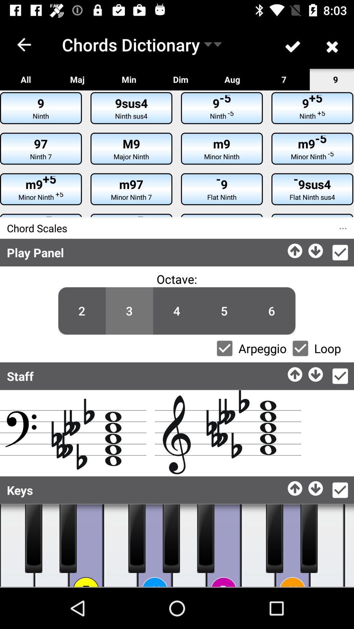 Image resolution: width=354 pixels, height=629 pixels. Describe the element at coordinates (295, 486) in the screenshot. I see `scroll up` at that location.